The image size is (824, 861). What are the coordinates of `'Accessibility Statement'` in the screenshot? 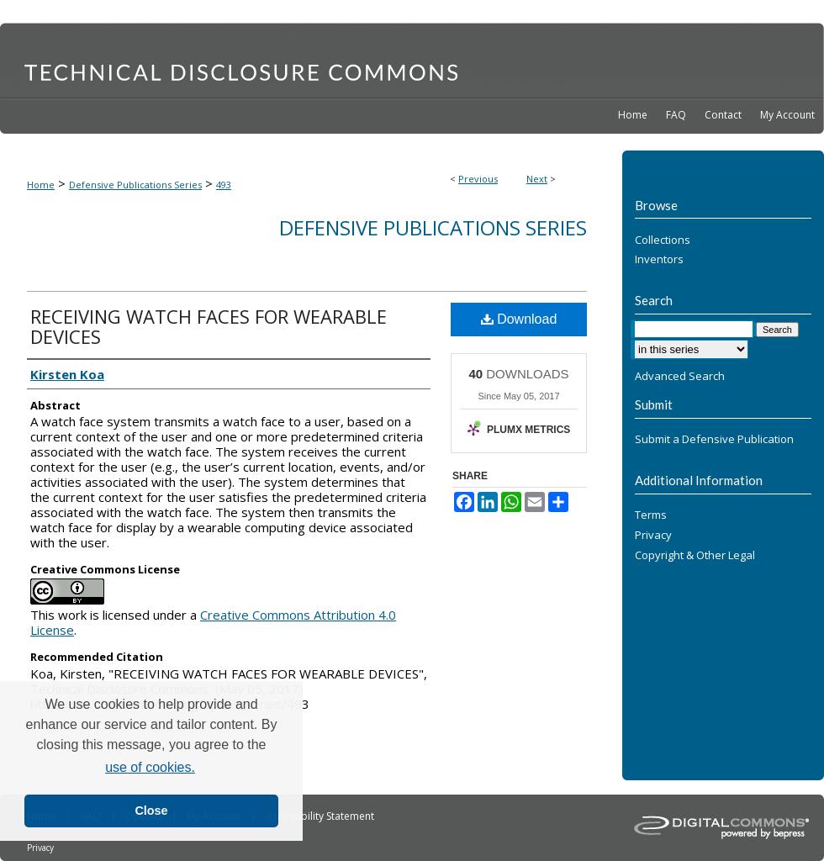 It's located at (320, 815).